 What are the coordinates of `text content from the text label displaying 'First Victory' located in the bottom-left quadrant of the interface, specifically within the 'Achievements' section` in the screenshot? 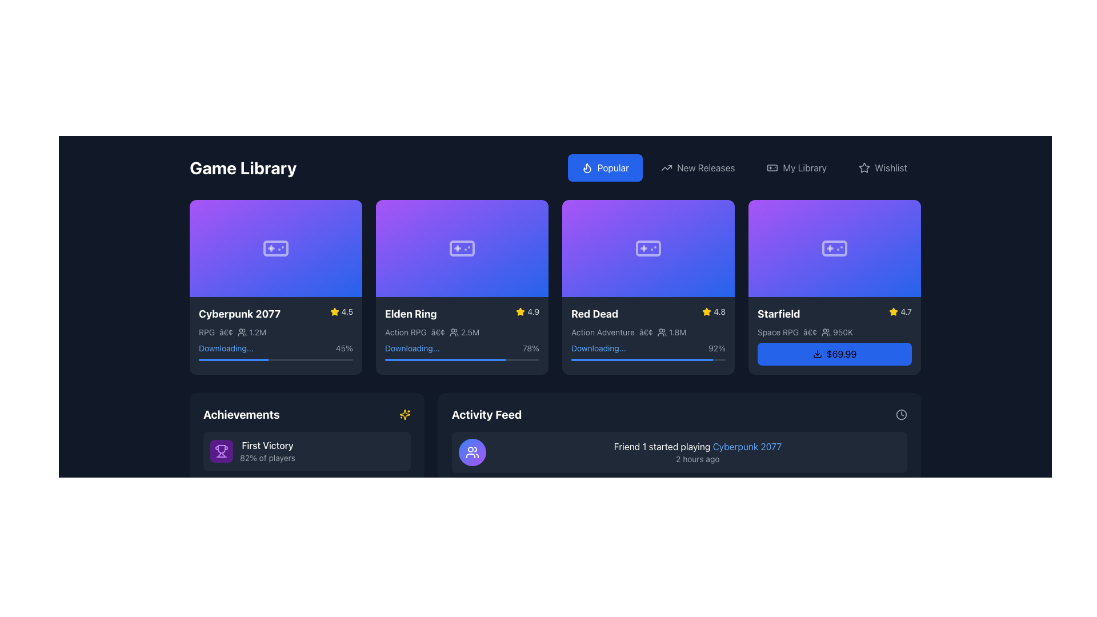 It's located at (267, 444).